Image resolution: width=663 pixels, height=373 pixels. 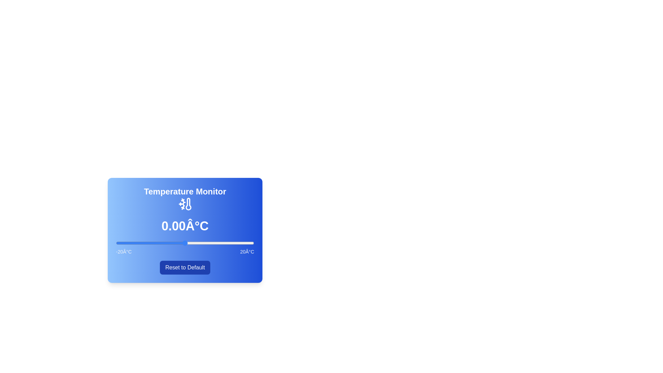 What do you see at coordinates (199, 243) in the screenshot?
I see `the temperature slider to 4 degrees Celsius` at bounding box center [199, 243].